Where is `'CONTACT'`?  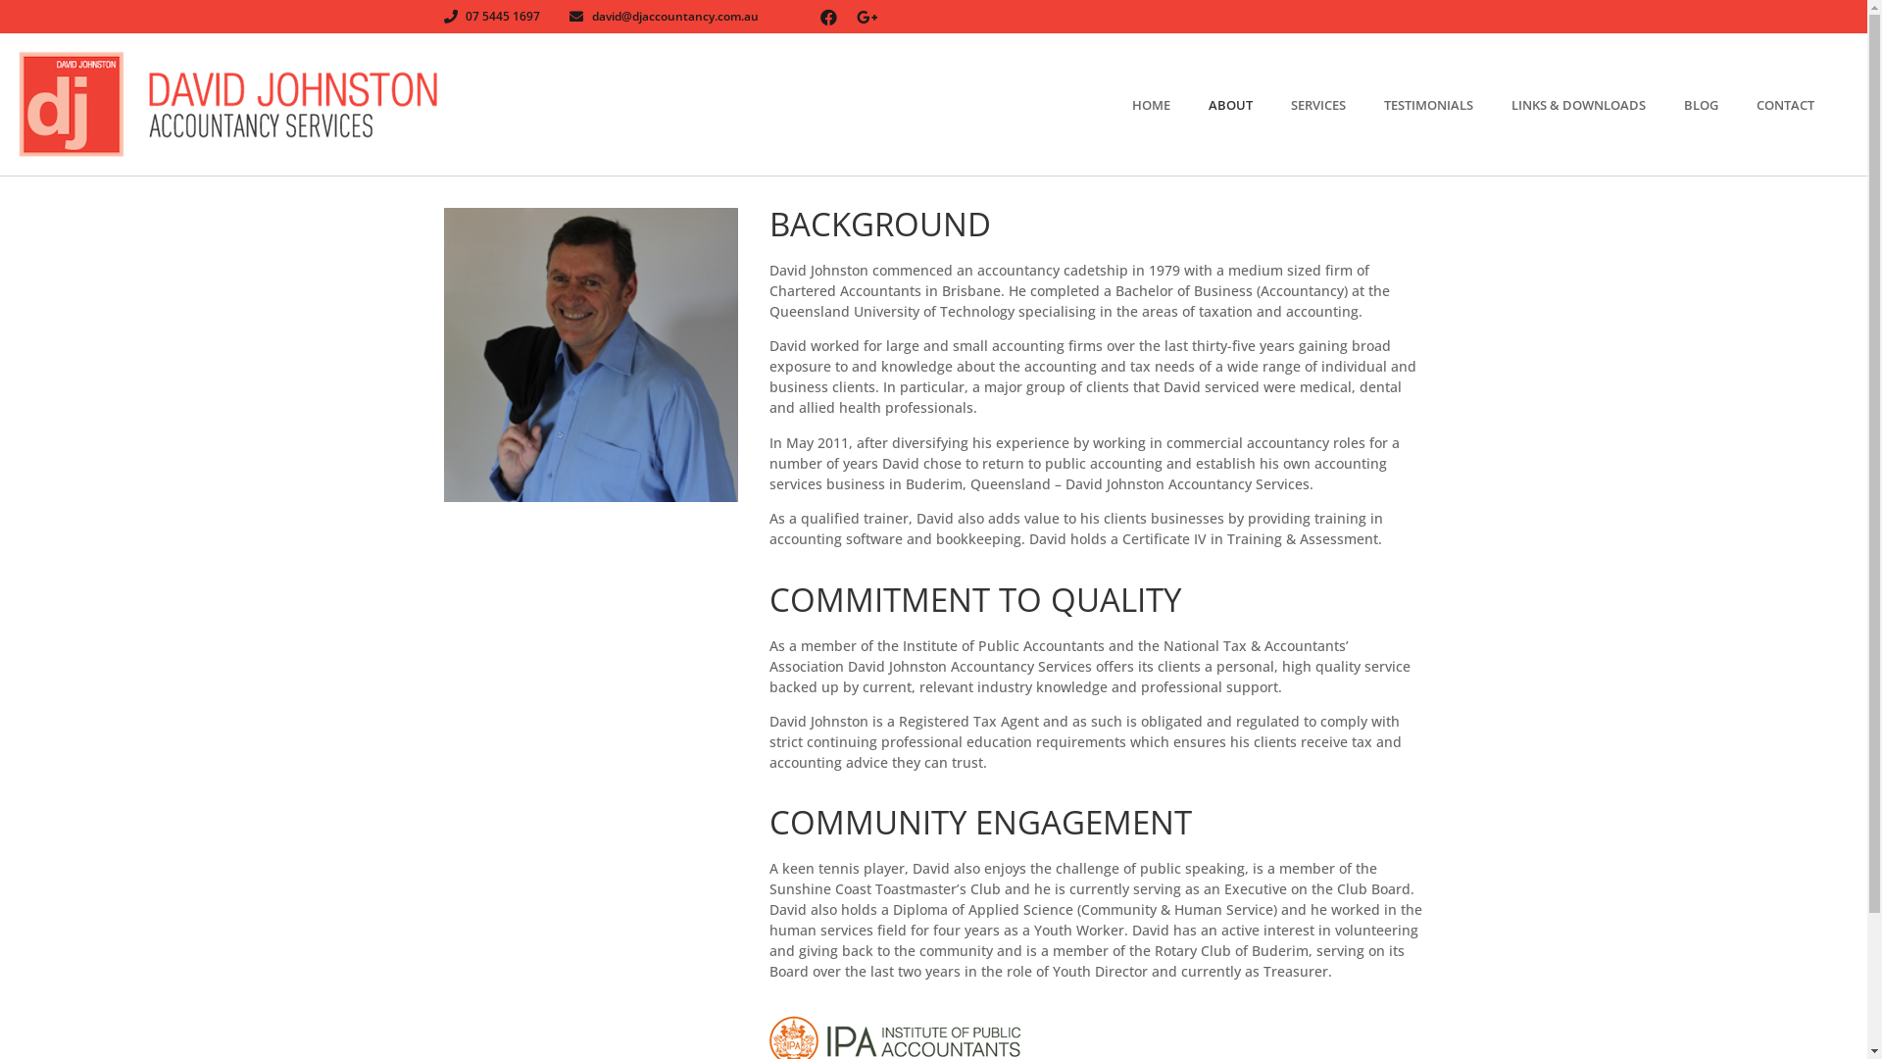 'CONTACT' is located at coordinates (1804, 105).